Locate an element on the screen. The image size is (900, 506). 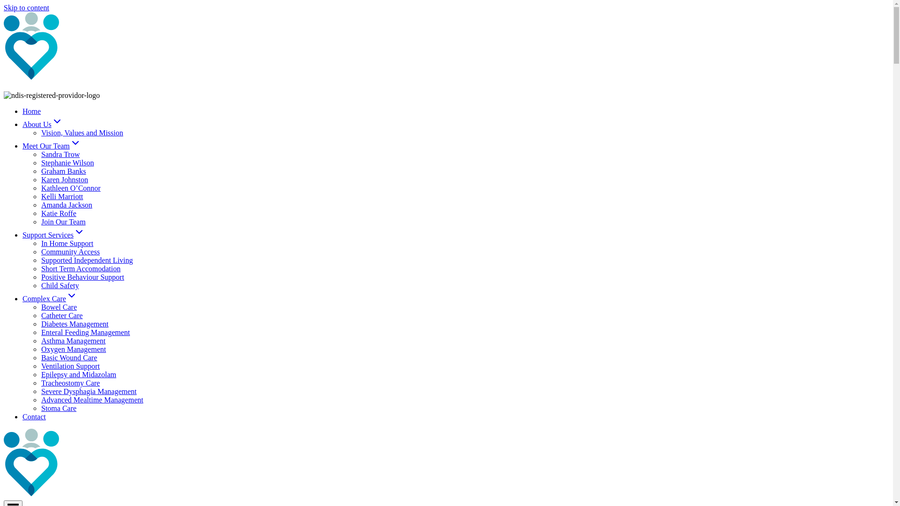
'About UsExpand' is located at coordinates (42, 124).